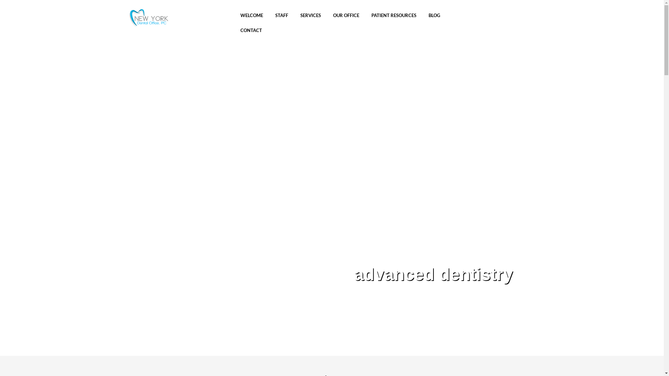 The width and height of the screenshot is (669, 376). Describe the element at coordinates (394, 16) in the screenshot. I see `'PATIENT RESOURCES'` at that location.